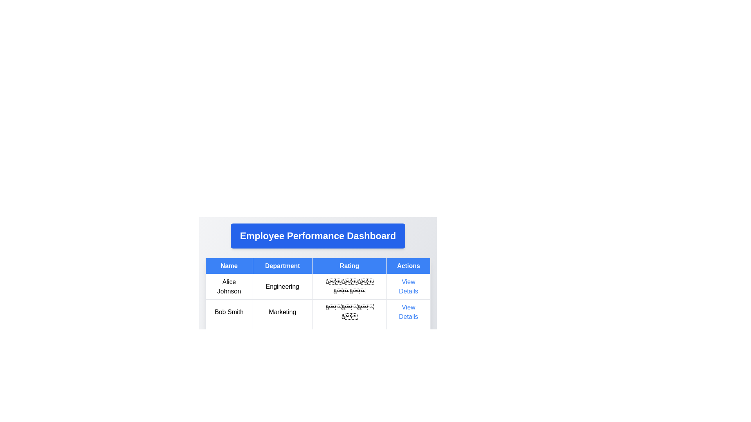 The height and width of the screenshot is (422, 751). What do you see at coordinates (318, 266) in the screenshot?
I see `the Table Header at the top of the Employee Performance Dashboard` at bounding box center [318, 266].